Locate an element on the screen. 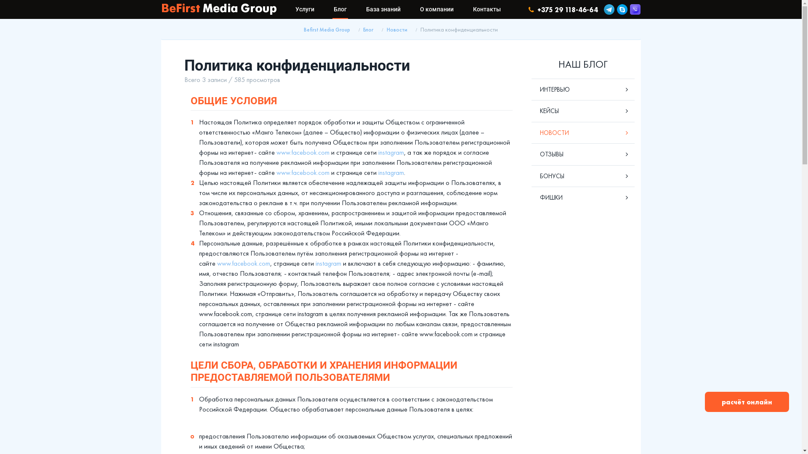 Image resolution: width=808 pixels, height=454 pixels. 'instagram' is located at coordinates (328, 263).